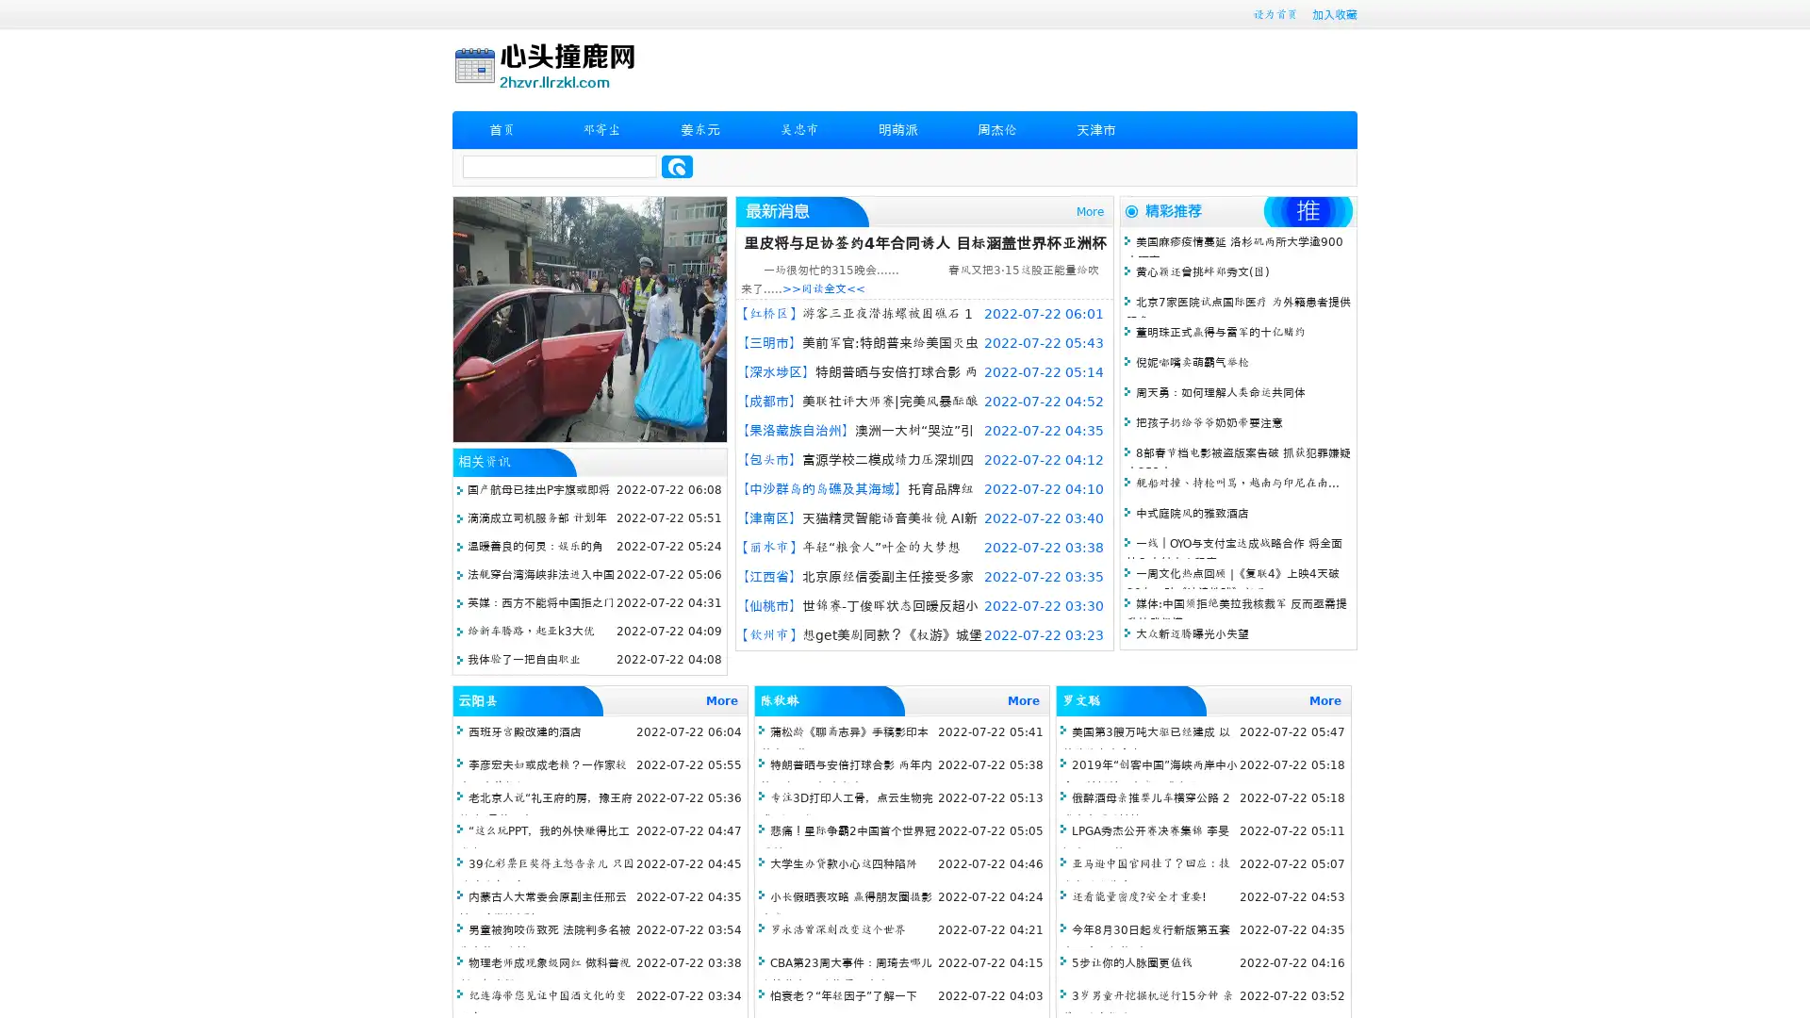 The image size is (1810, 1018). What do you see at coordinates (677, 166) in the screenshot?
I see `Search` at bounding box center [677, 166].